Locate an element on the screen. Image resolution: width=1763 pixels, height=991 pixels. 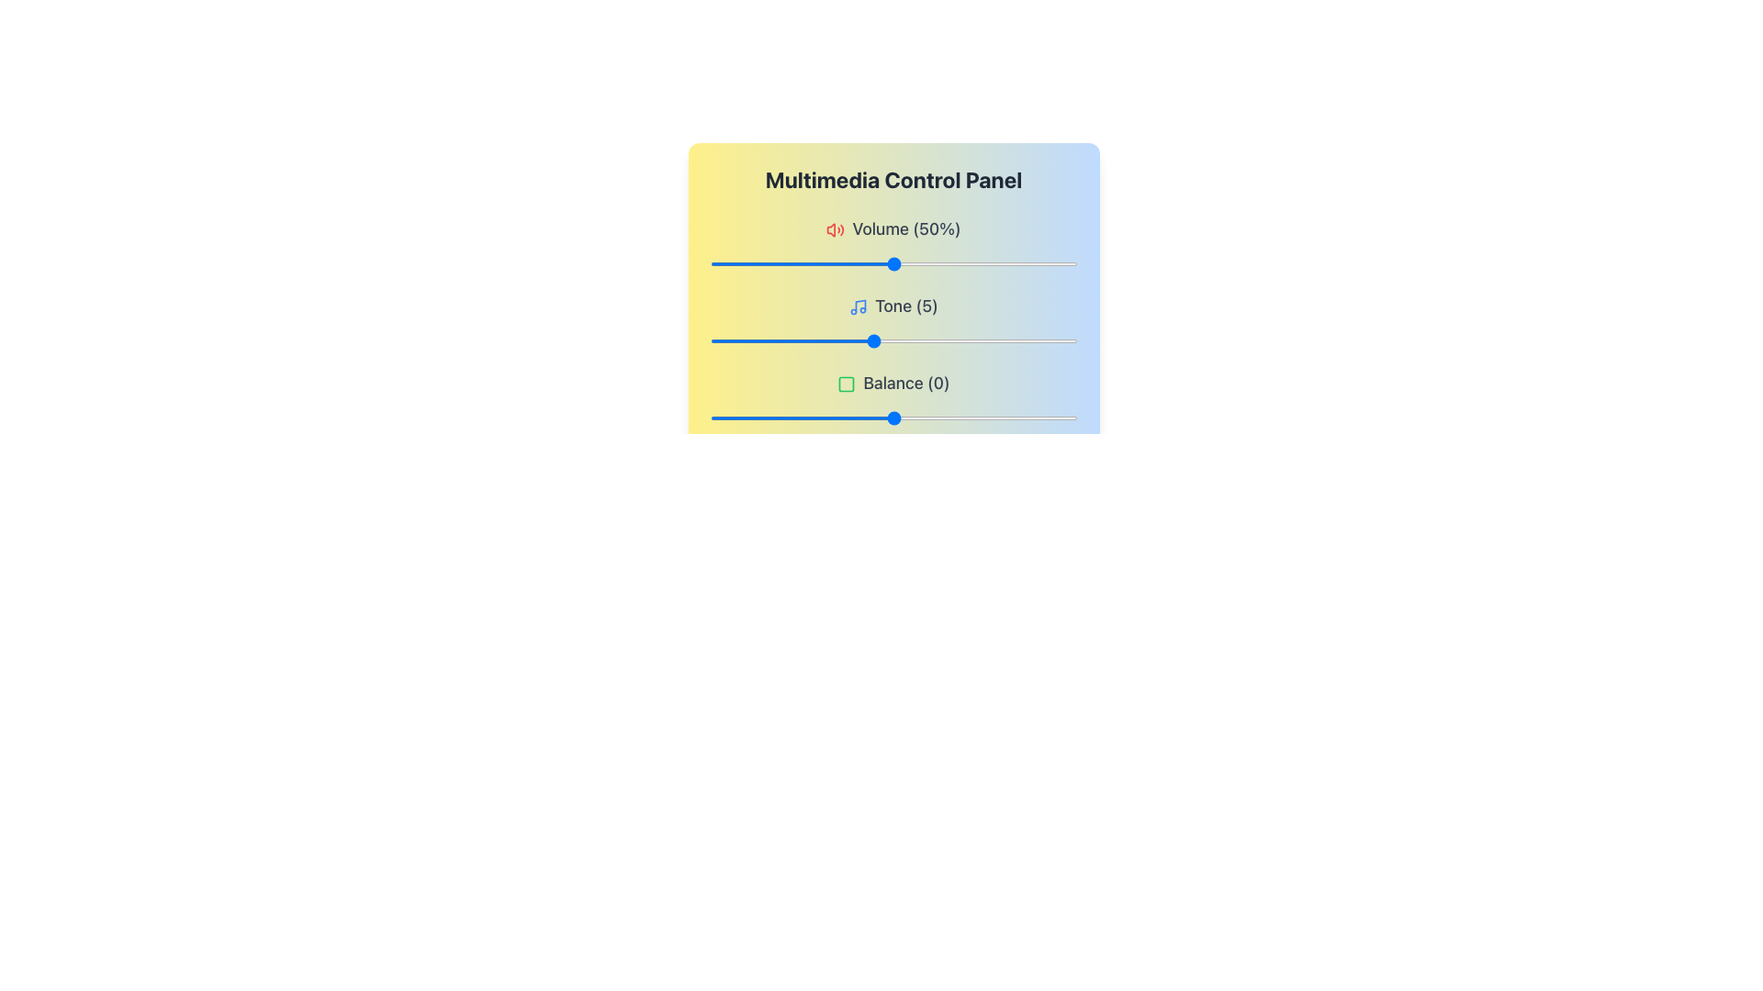
balance is located at coordinates (1033, 418).